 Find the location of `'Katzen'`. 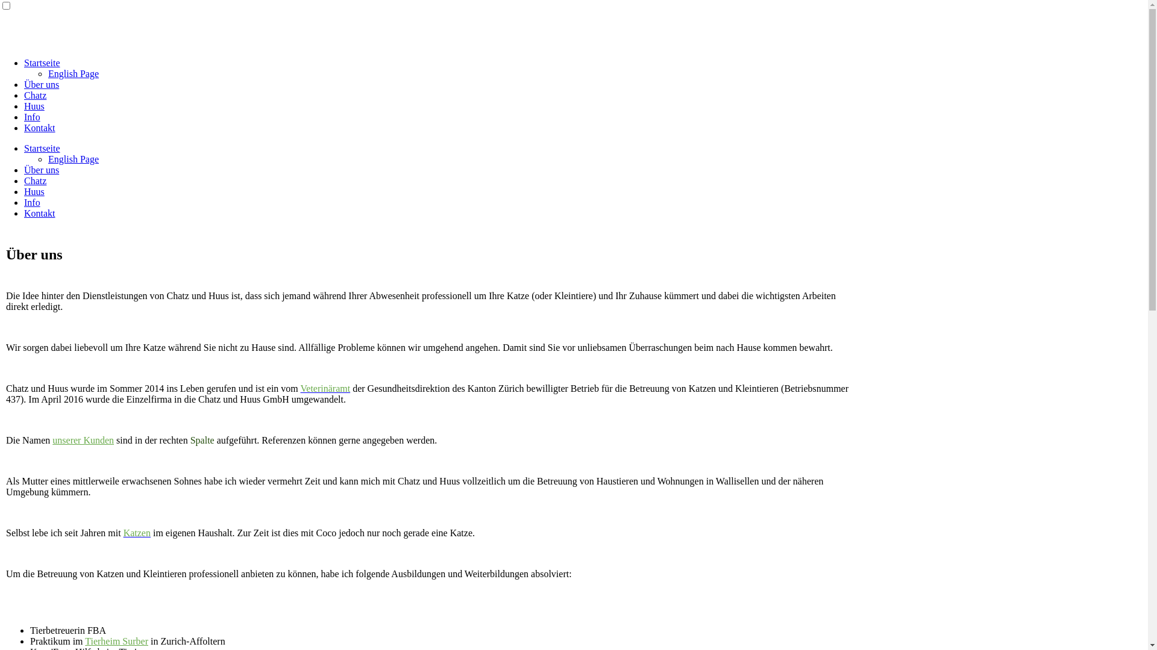

'Katzen' is located at coordinates (137, 532).